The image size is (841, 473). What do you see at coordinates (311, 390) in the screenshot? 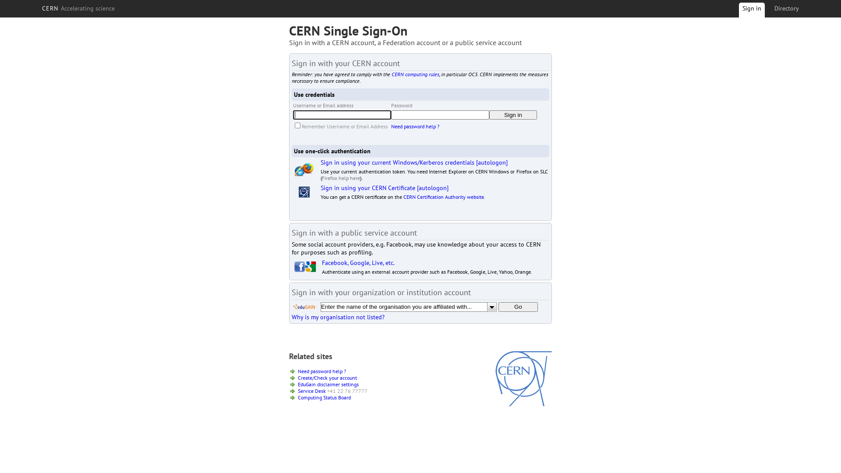
I see `'Service Desk'` at bounding box center [311, 390].